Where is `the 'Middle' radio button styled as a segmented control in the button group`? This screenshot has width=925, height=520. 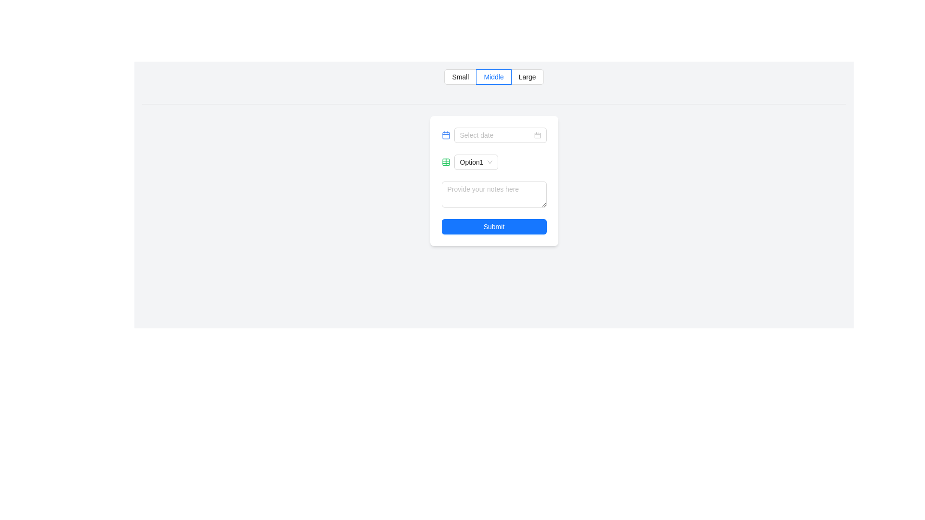
the 'Middle' radio button styled as a segmented control in the button group is located at coordinates (494, 76).